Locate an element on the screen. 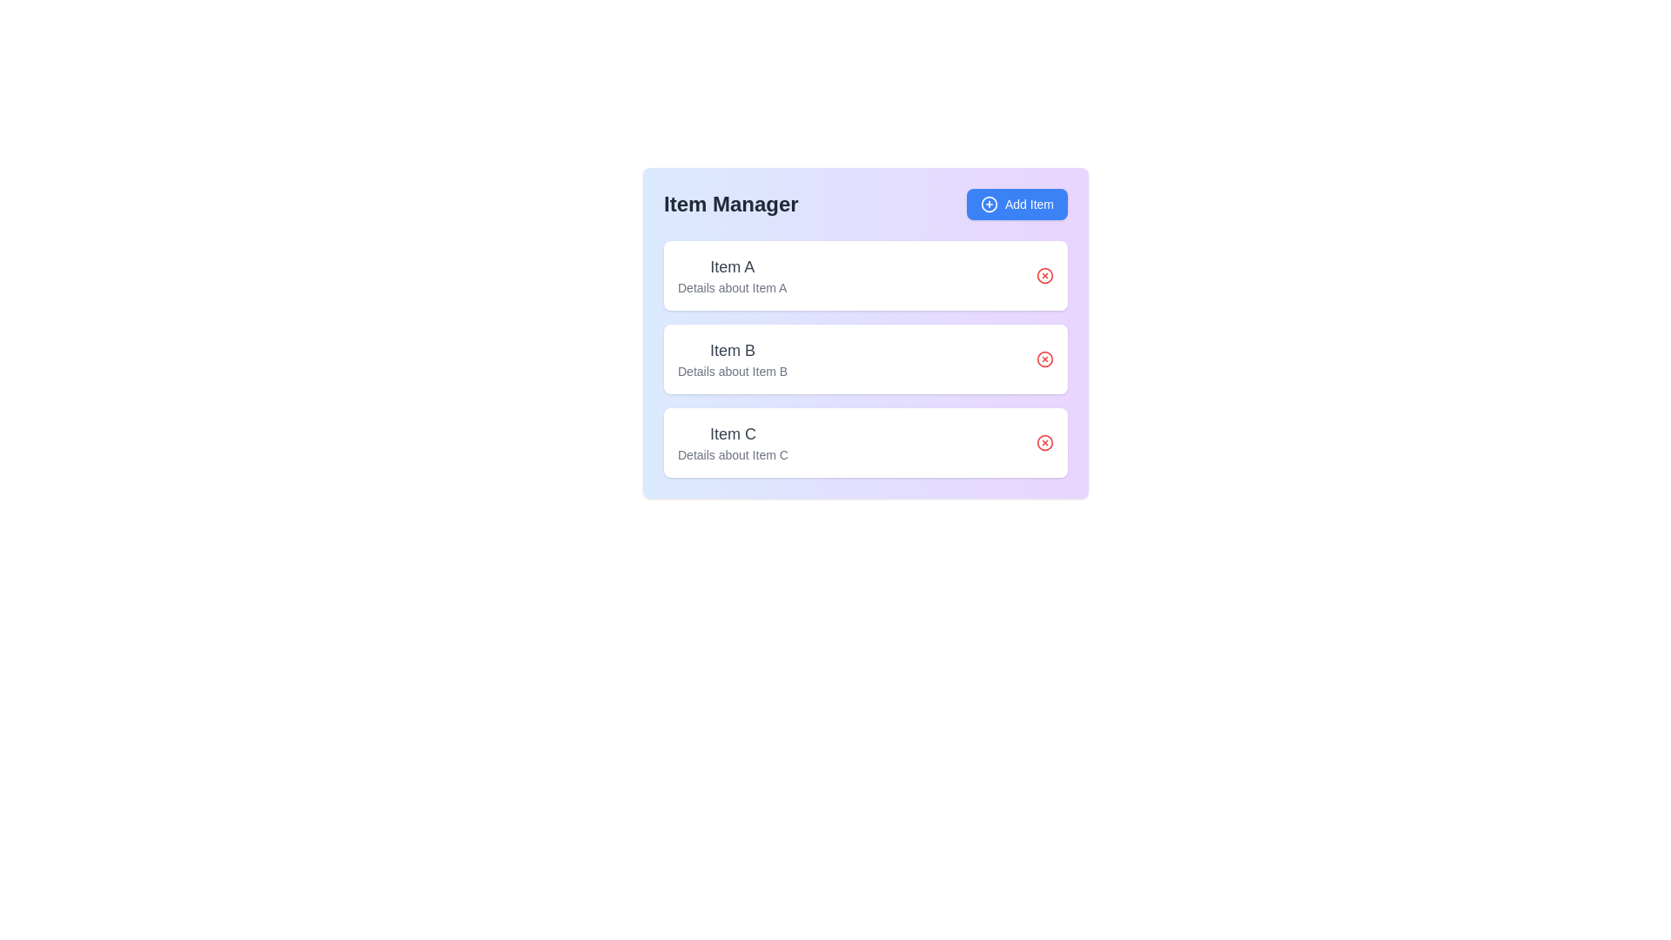 The width and height of the screenshot is (1671, 940). delete button for the item with name Item B is located at coordinates (1044, 358).